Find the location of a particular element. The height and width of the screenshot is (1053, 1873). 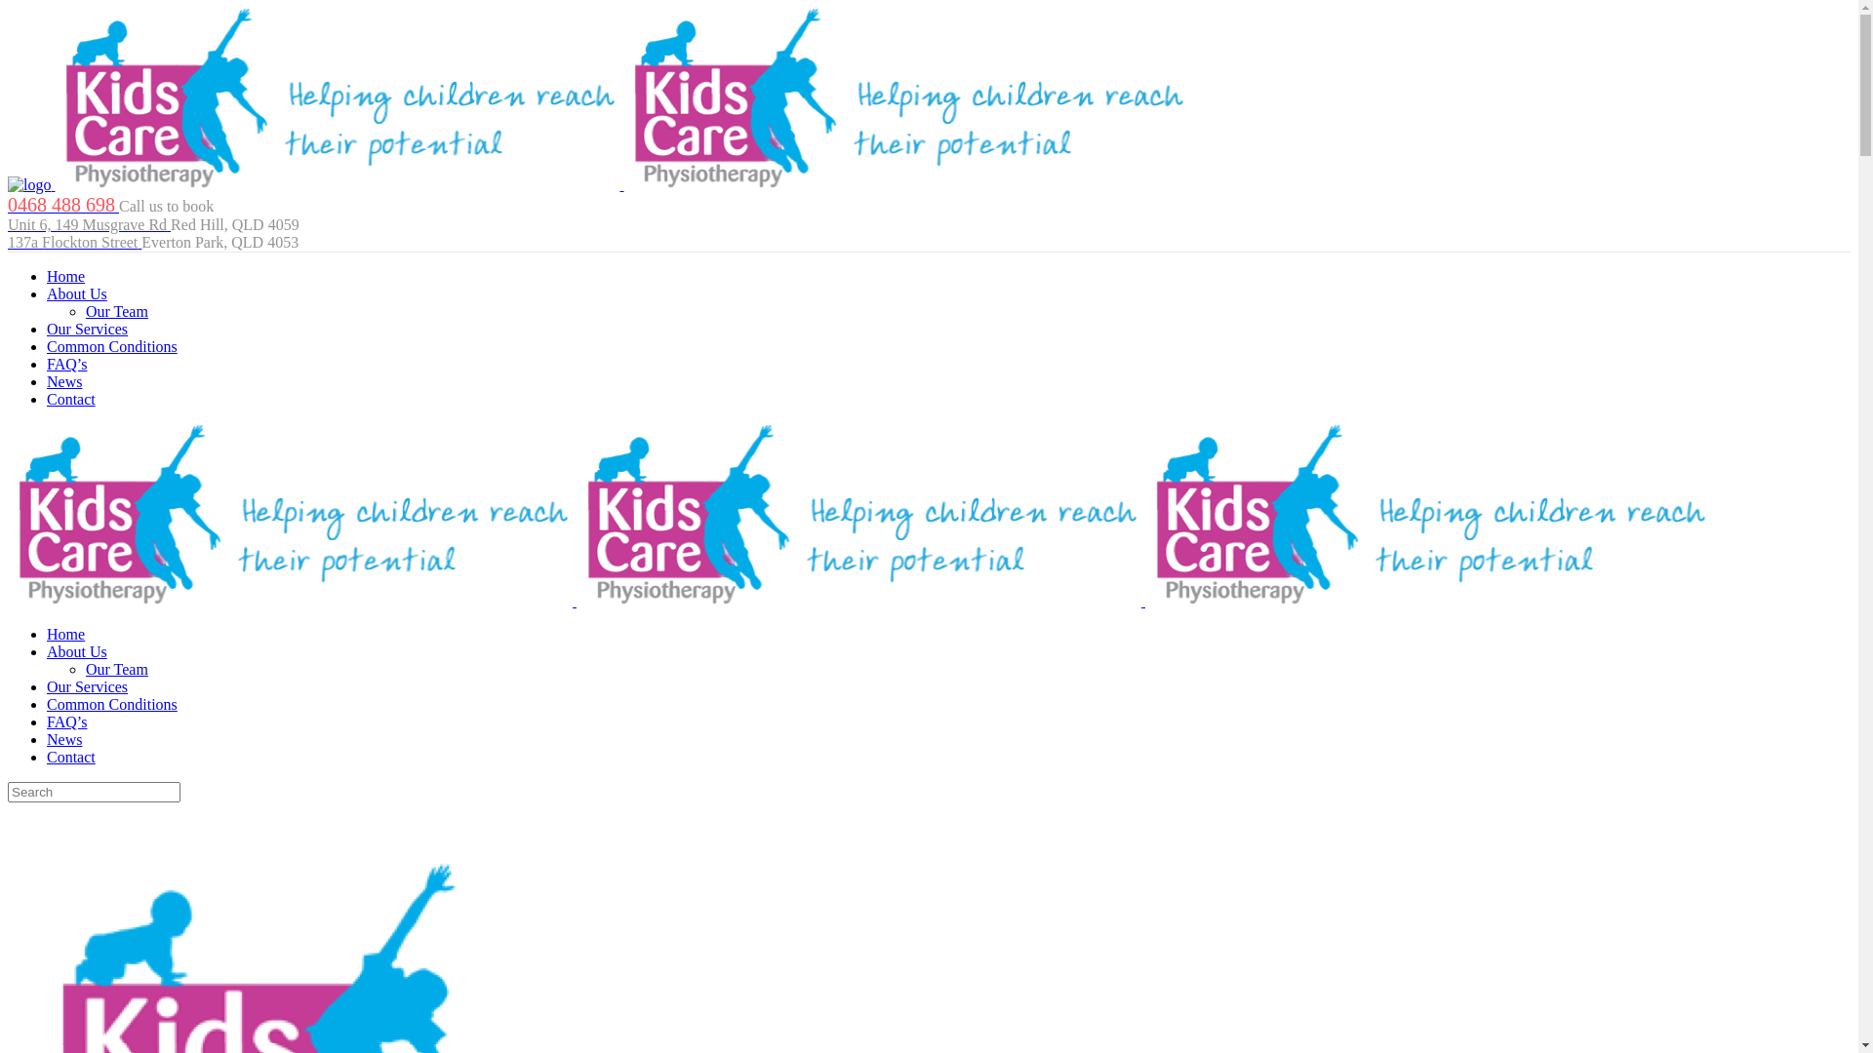

'0468 488 698' is located at coordinates (63, 206).